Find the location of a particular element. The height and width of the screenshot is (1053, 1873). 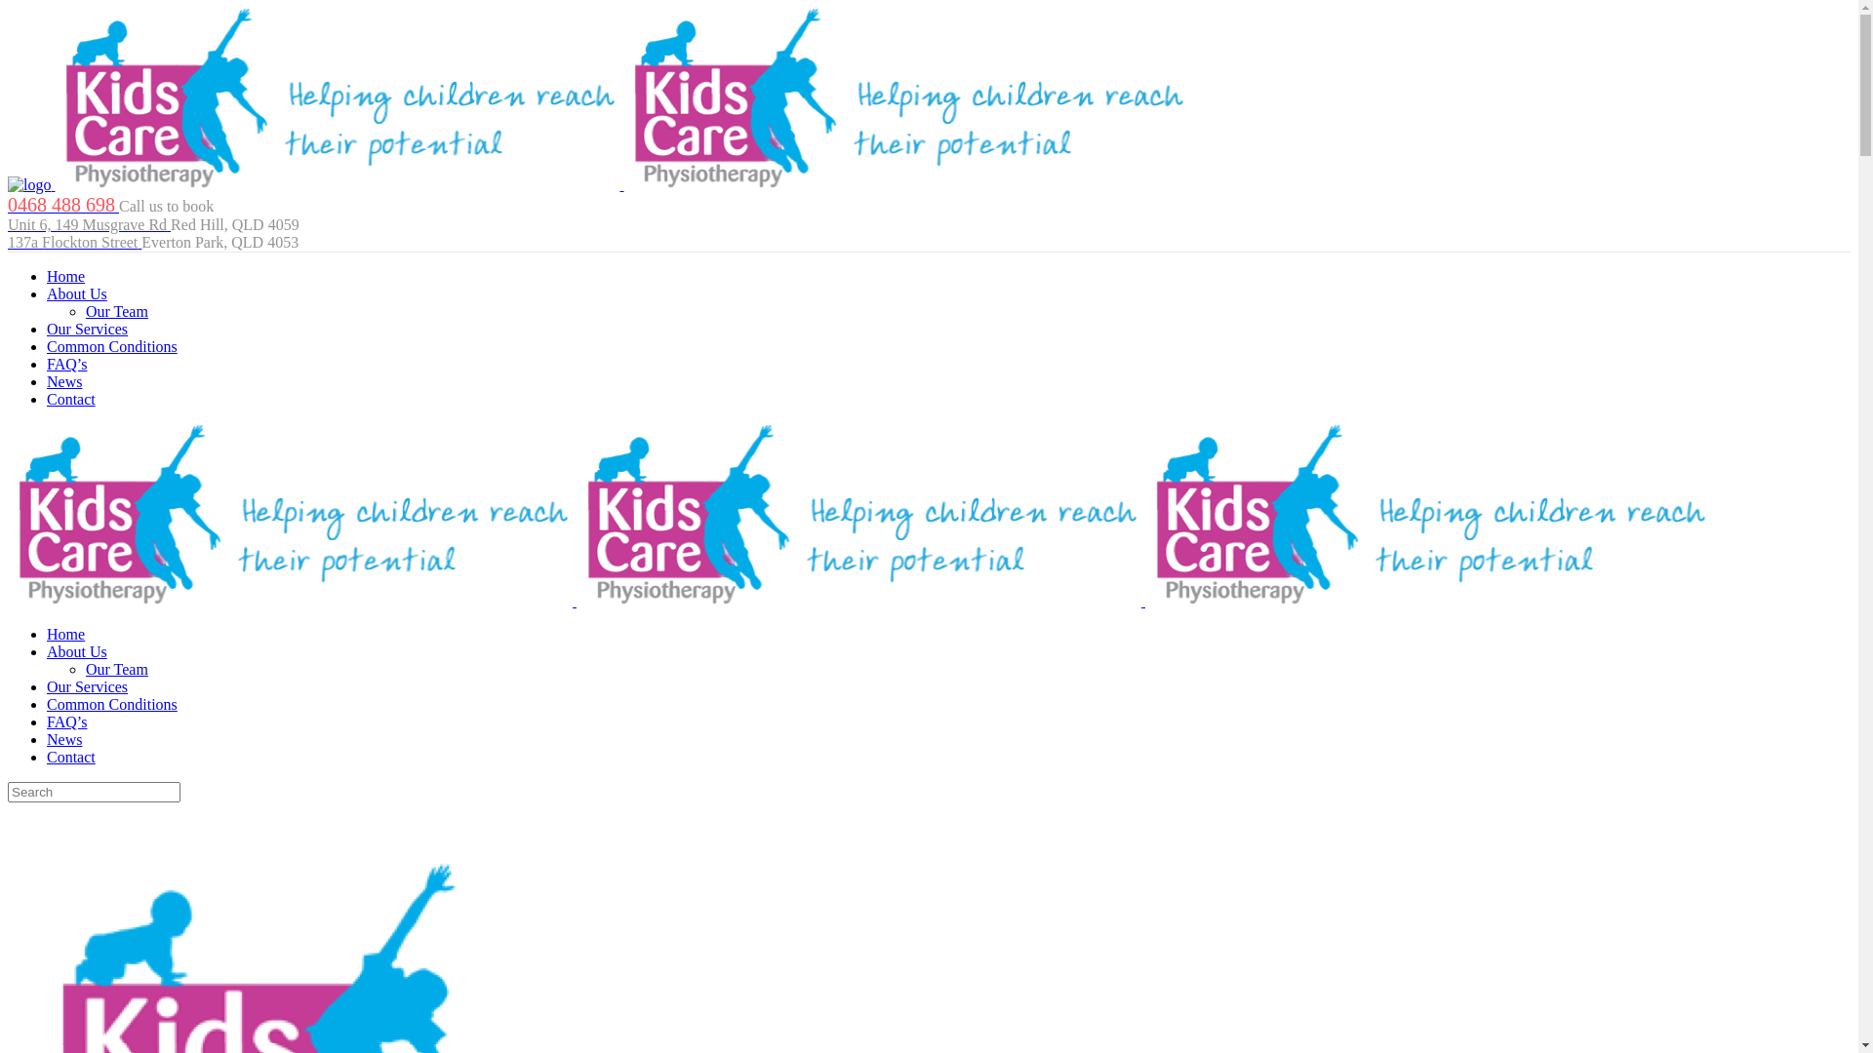

'0468 488 698' is located at coordinates (63, 206).